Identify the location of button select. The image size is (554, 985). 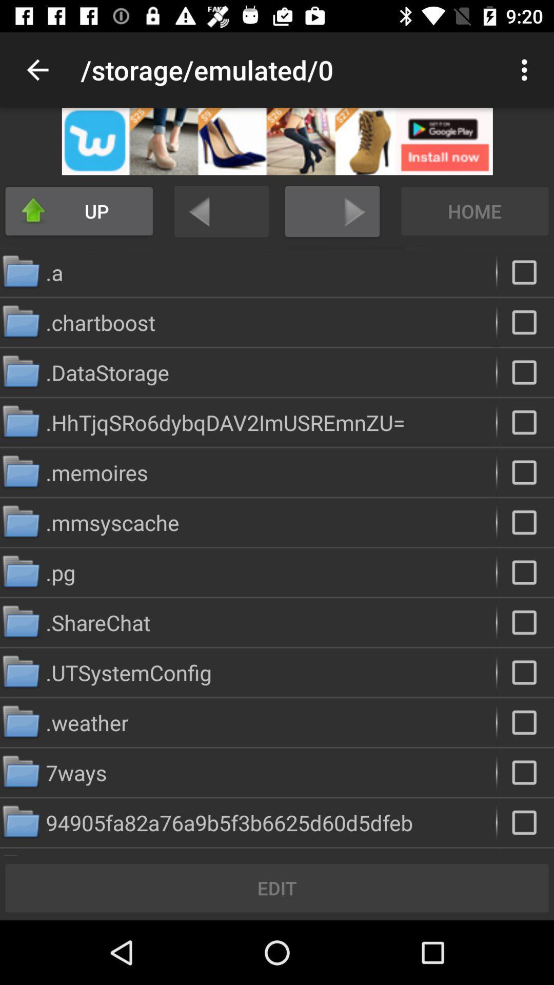
(525, 822).